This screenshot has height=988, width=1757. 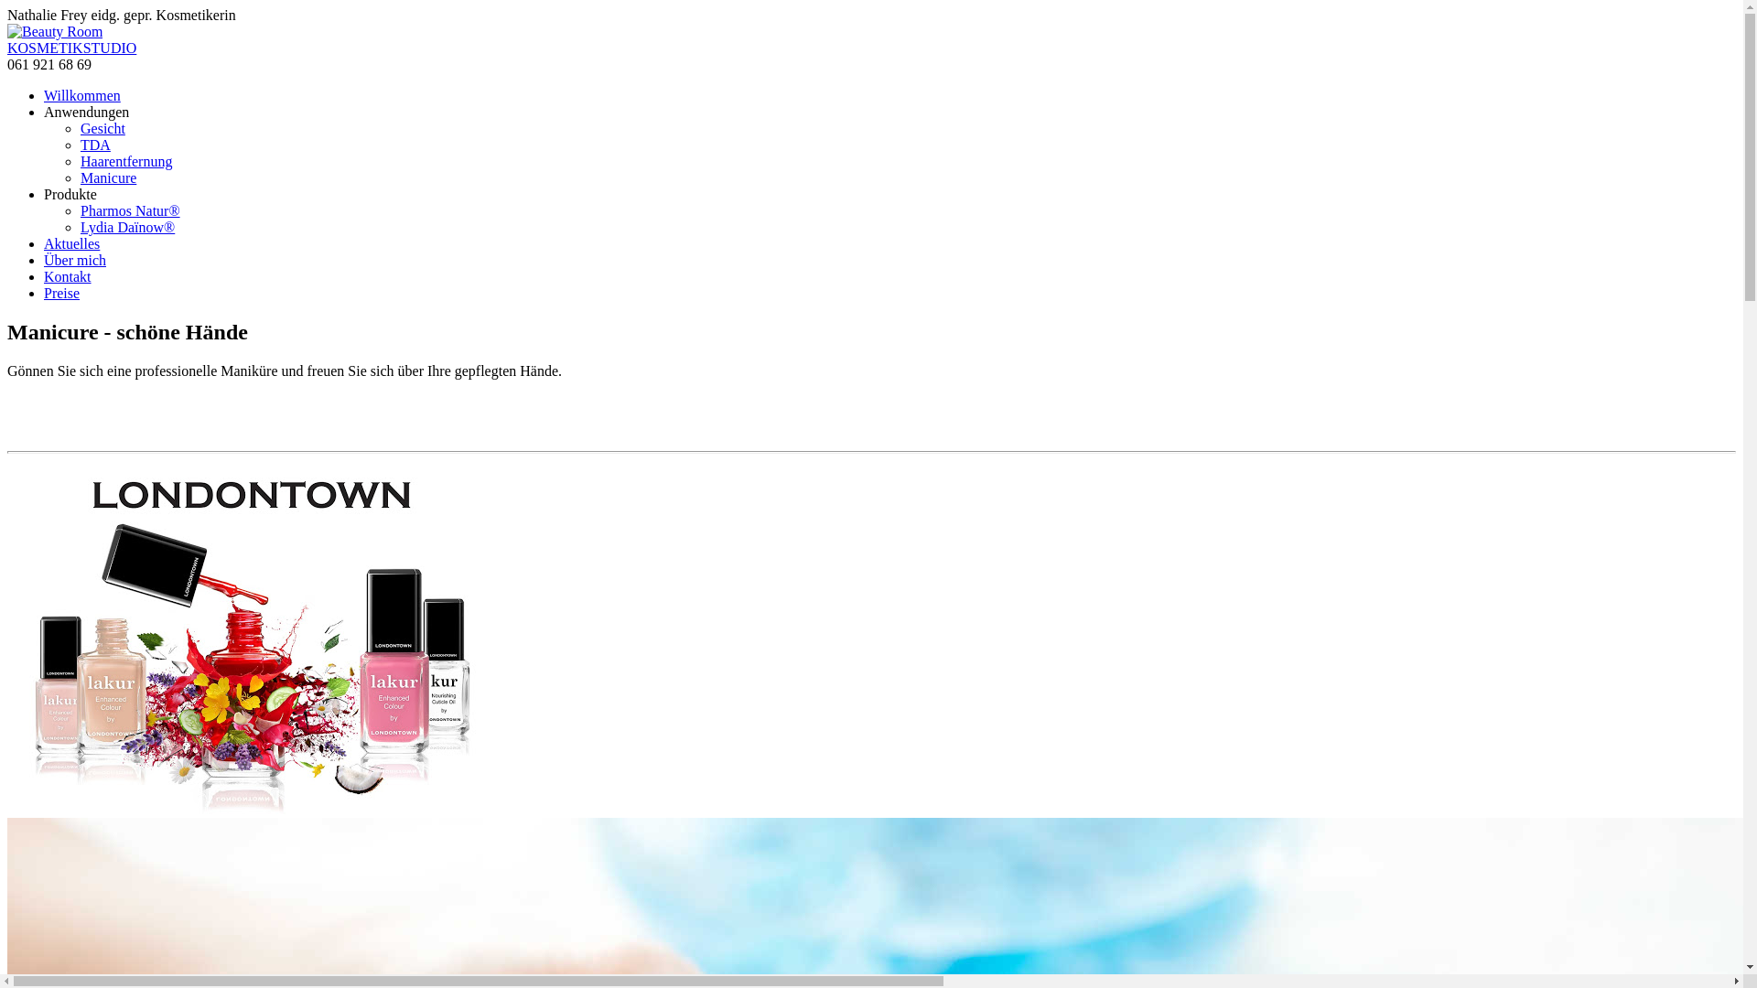 I want to click on 'Gesicht', so click(x=102, y=127).